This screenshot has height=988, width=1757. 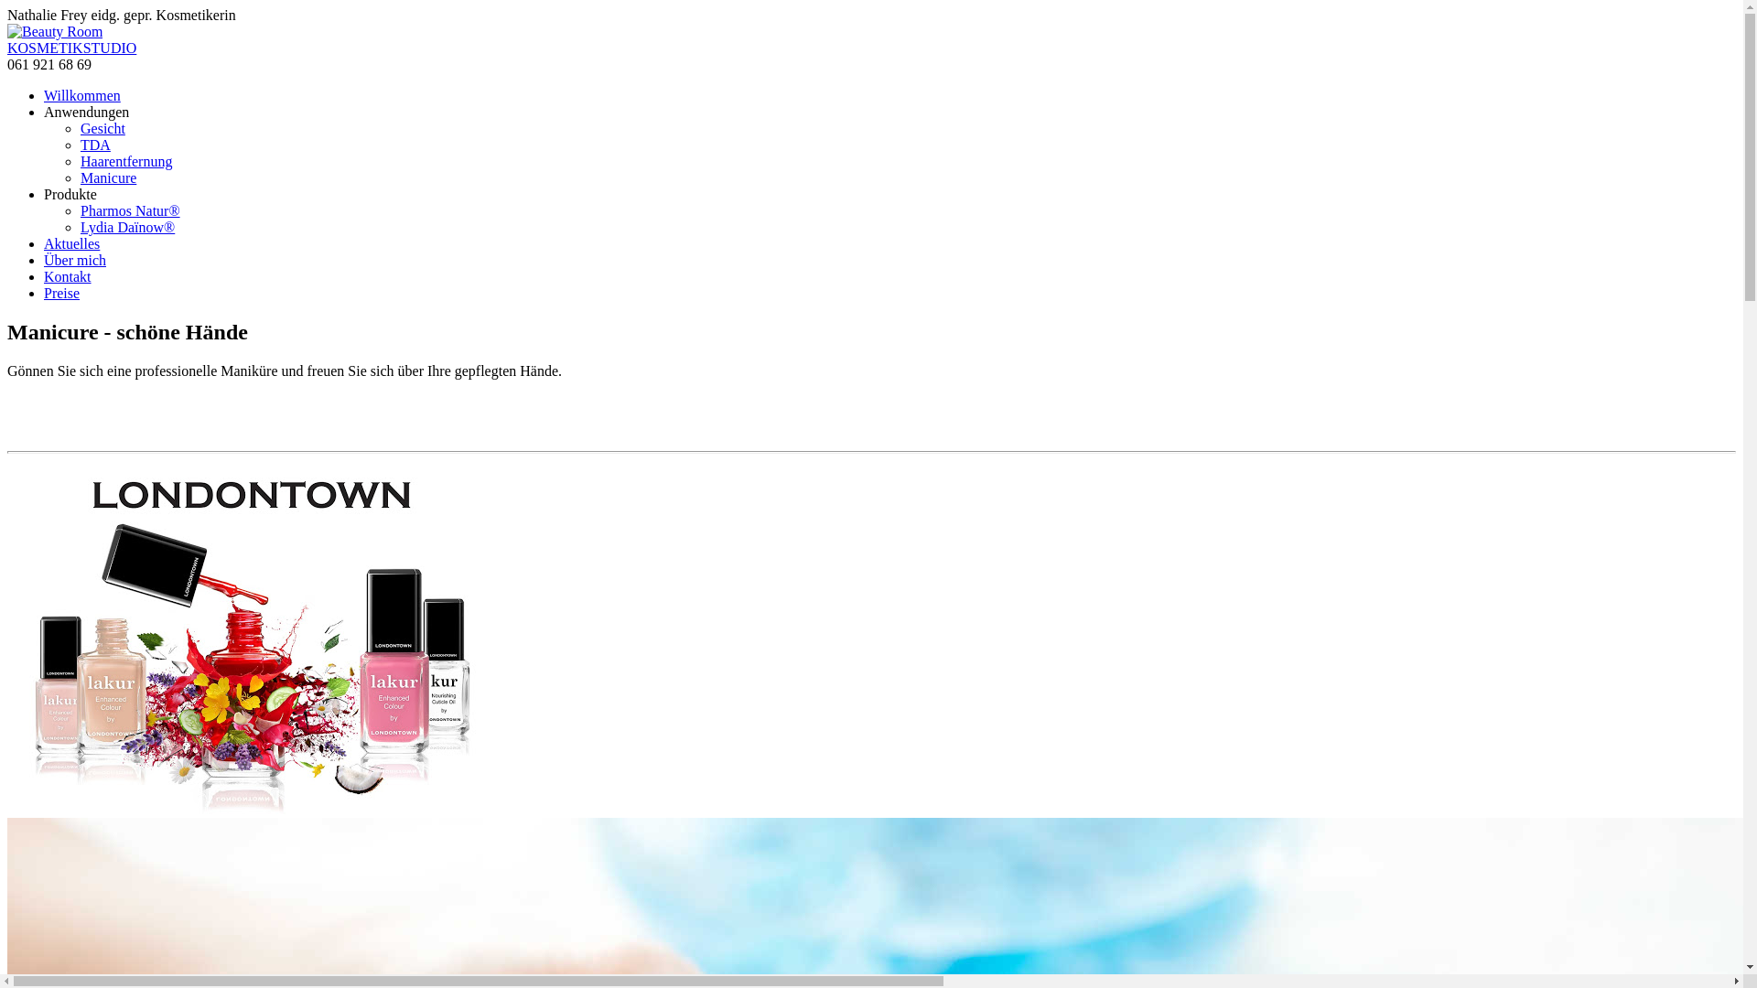 I want to click on 'Gesicht', so click(x=102, y=127).